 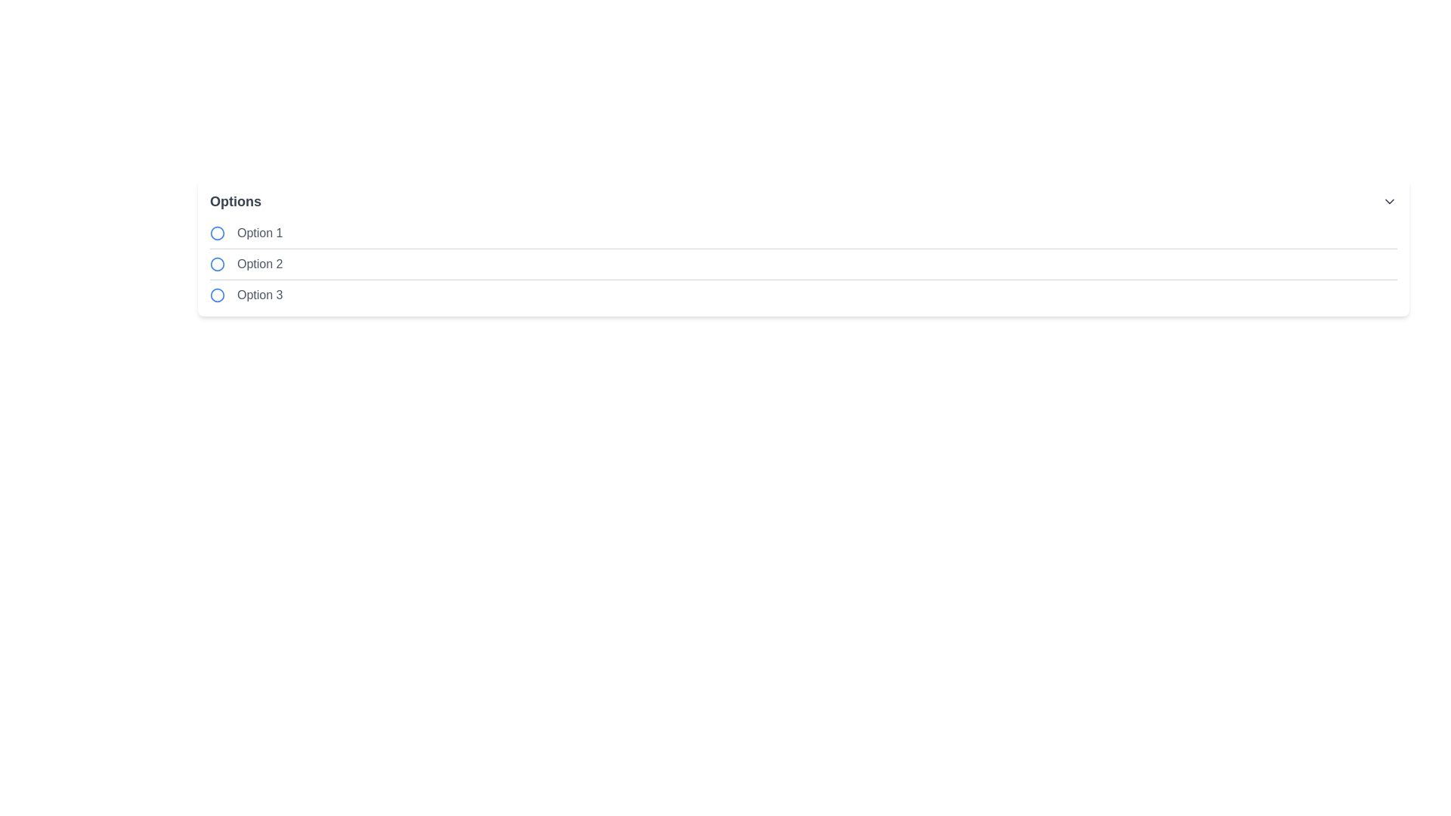 I want to click on the text label displaying 'Option 1', so click(x=260, y=233).